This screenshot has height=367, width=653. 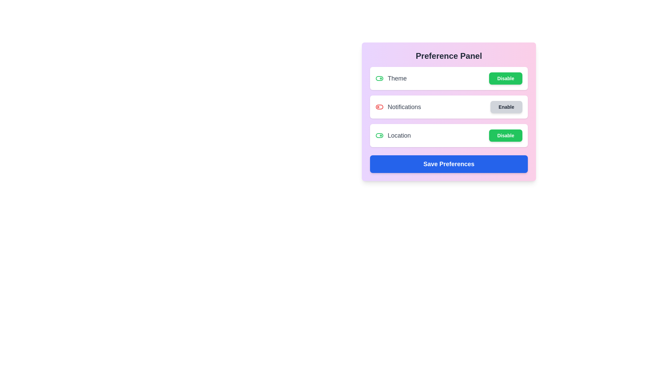 I want to click on the Theme Disable button to toggle its state, so click(x=506, y=78).